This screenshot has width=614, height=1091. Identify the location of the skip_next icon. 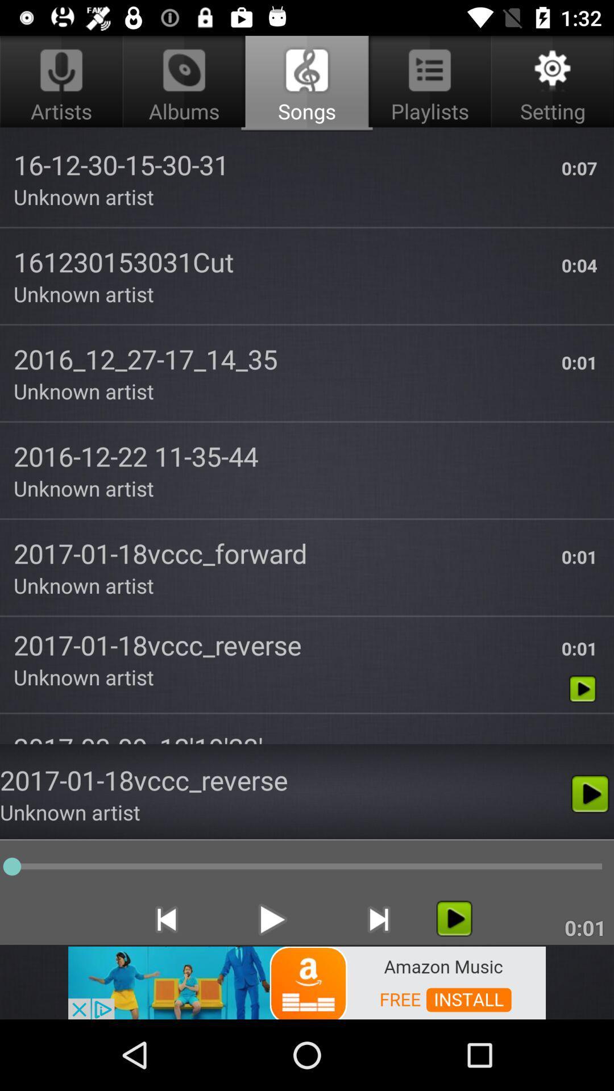
(379, 919).